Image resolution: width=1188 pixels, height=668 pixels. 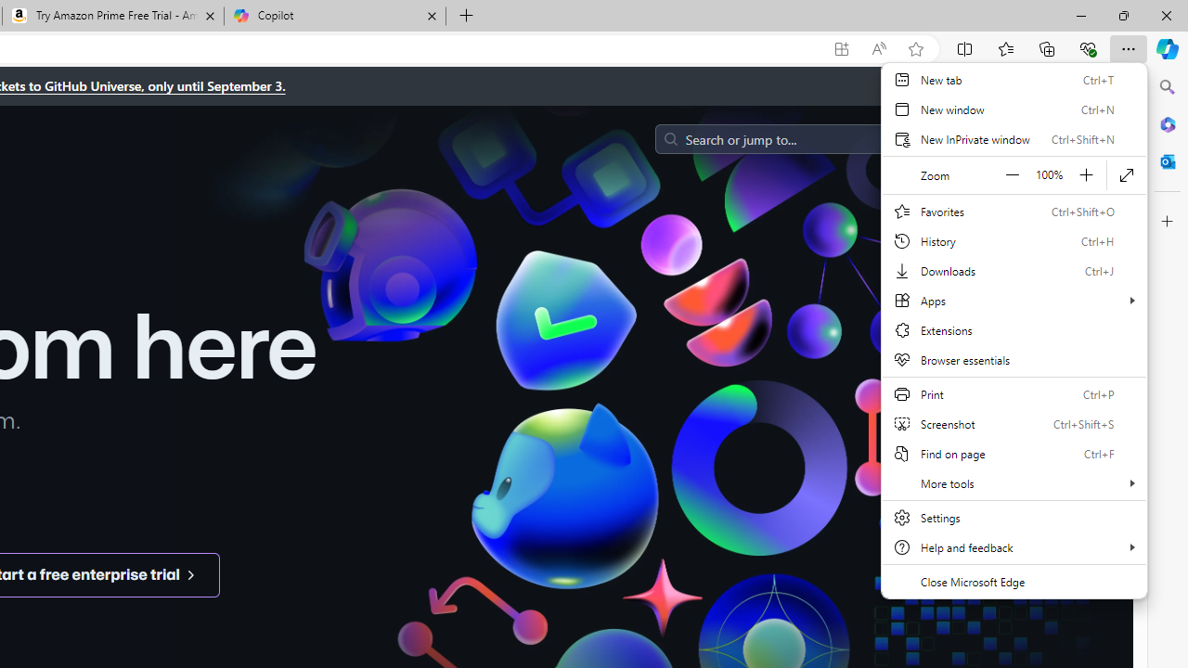 I want to click on 'Extensions', so click(x=1014, y=329).